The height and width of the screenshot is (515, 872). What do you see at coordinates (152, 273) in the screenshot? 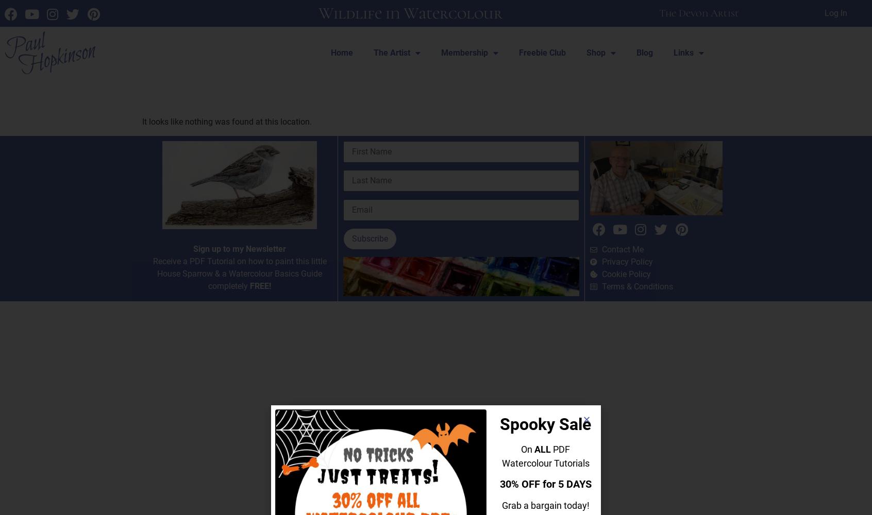
I see `'Receive a PDF Tutorial on how to paint this little House Sparrow & a Watercolour Basics Guide completely'` at bounding box center [152, 273].